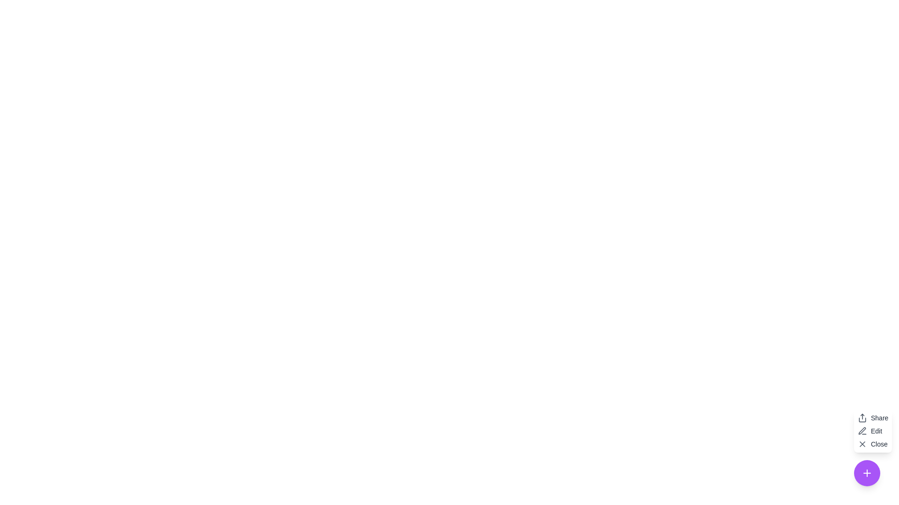  I want to click on the upward-pointing arrow icon button, which is styled with a thin stroke design and located to the left of the 'Share' label, to initiate a sharing action, so click(862, 418).